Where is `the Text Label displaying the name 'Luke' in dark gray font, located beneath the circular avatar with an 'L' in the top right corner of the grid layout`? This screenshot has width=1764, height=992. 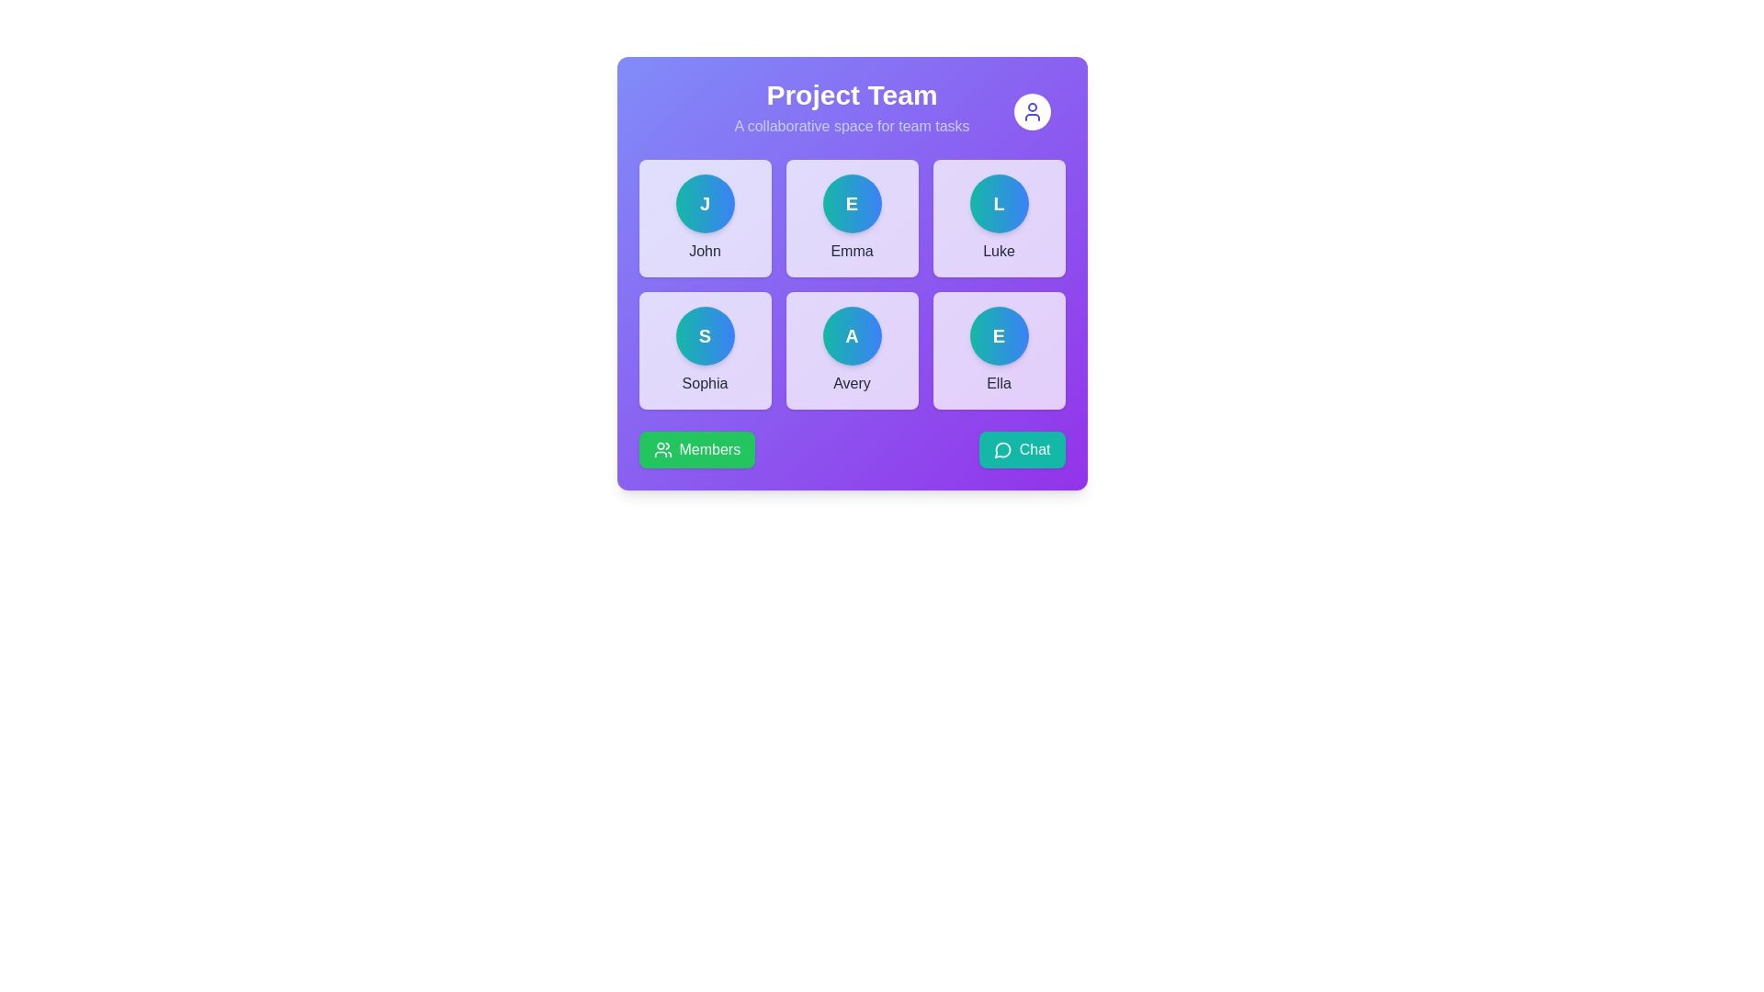
the Text Label displaying the name 'Luke' in dark gray font, located beneath the circular avatar with an 'L' in the top right corner of the grid layout is located at coordinates (998, 251).